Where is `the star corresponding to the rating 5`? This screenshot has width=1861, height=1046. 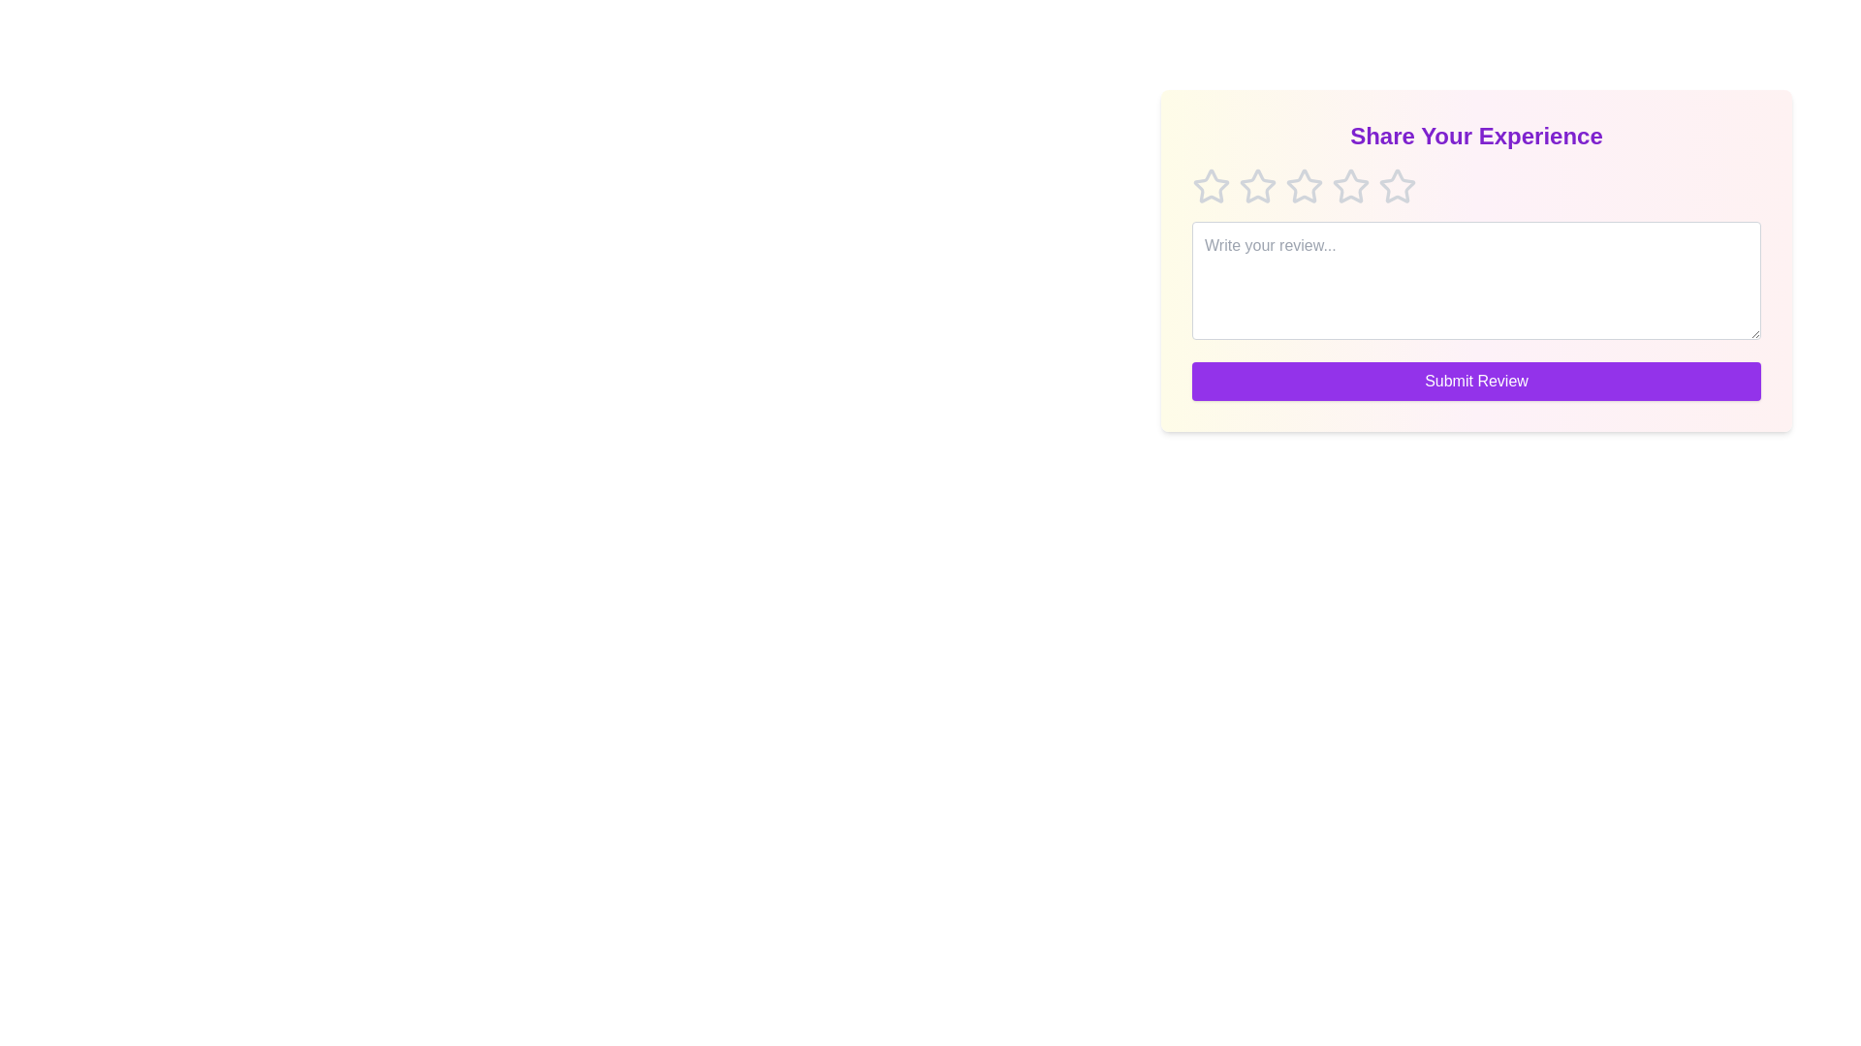 the star corresponding to the rating 5 is located at coordinates (1397, 186).